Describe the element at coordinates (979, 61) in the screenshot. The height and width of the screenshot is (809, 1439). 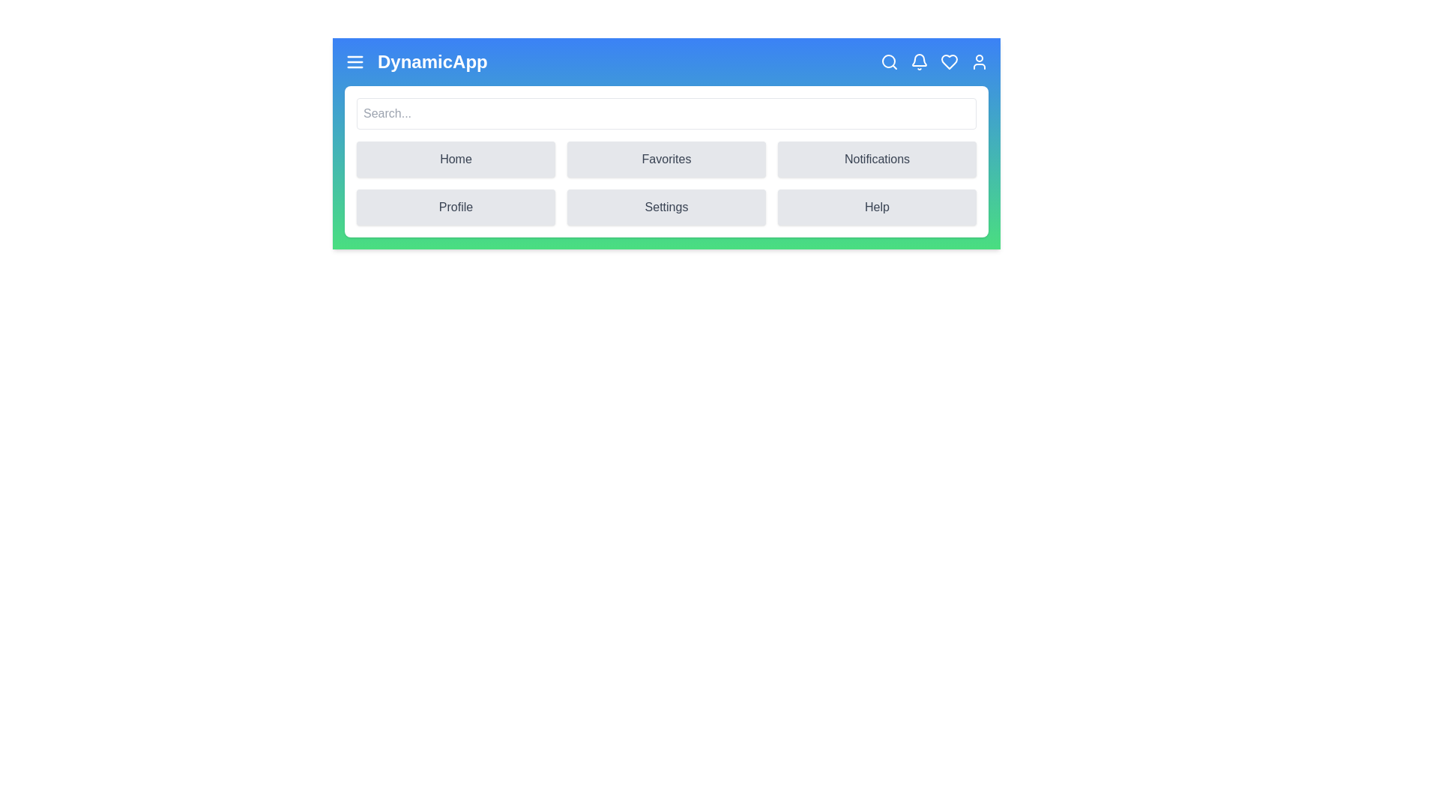
I see `the user icon to access the profile` at that location.